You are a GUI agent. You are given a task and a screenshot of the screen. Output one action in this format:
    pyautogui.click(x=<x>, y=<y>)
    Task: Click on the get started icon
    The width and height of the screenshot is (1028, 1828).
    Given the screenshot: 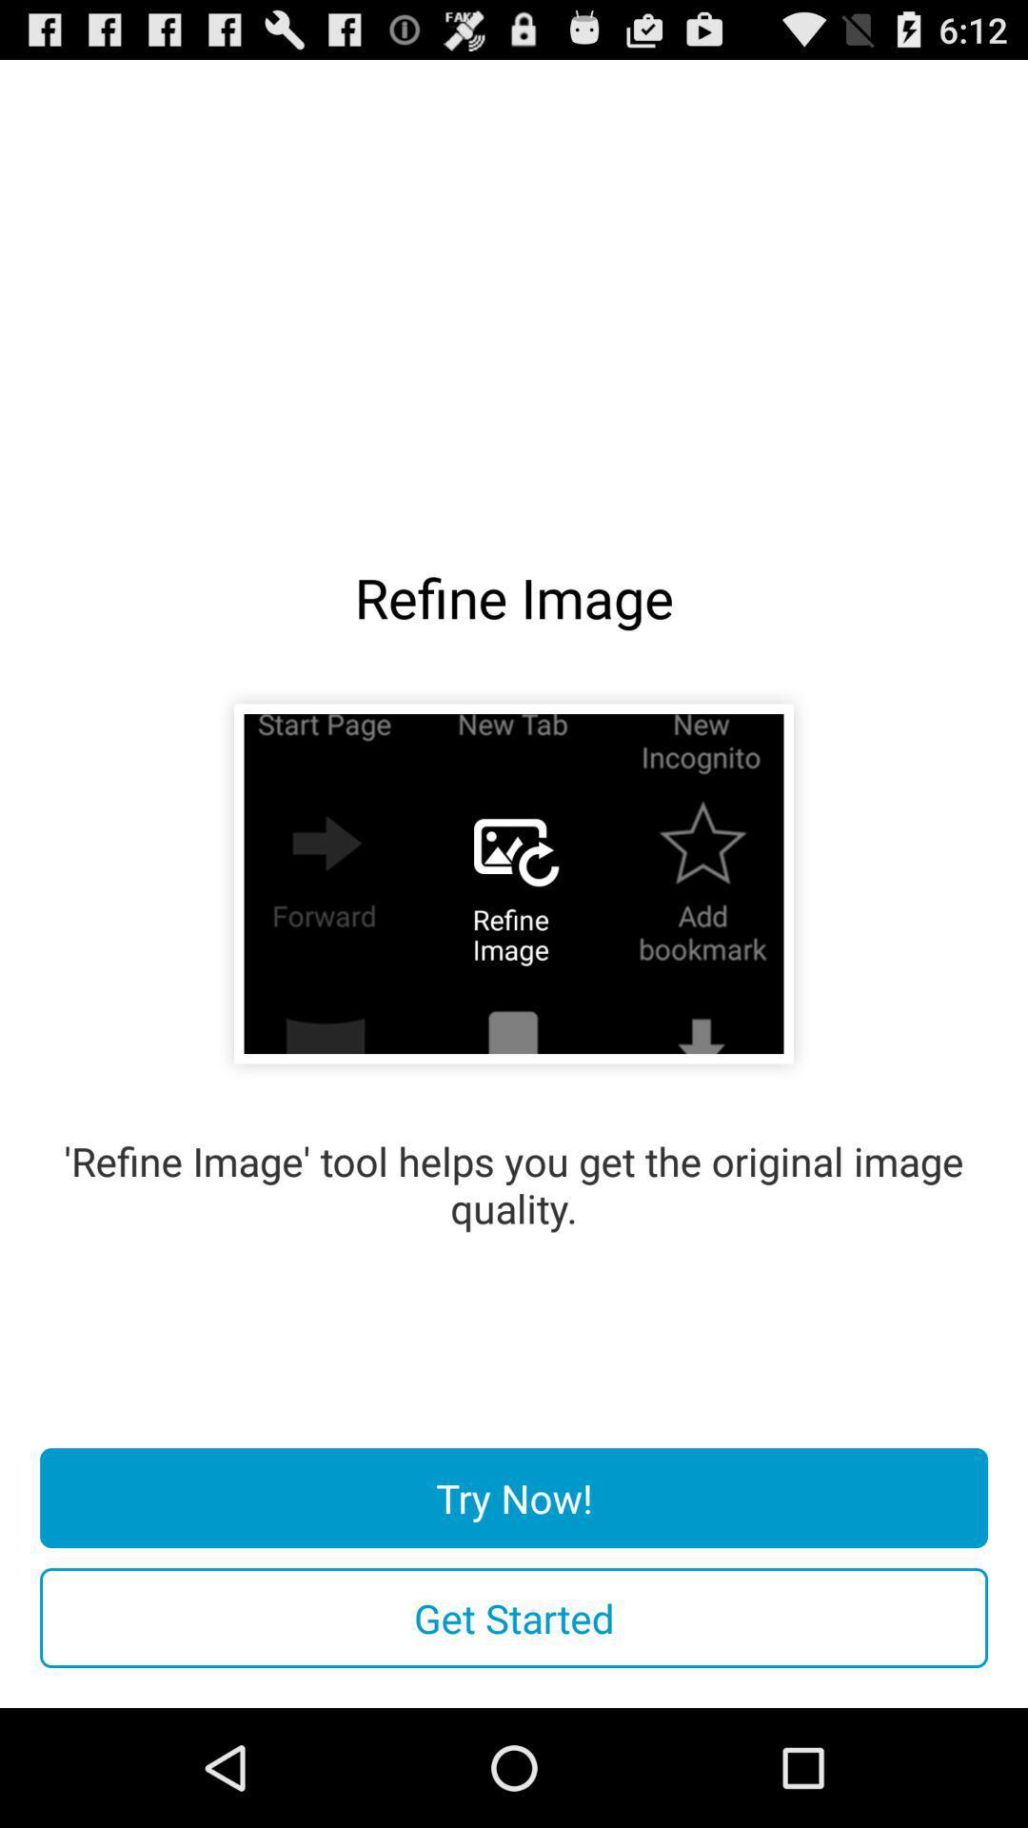 What is the action you would take?
    pyautogui.click(x=514, y=1617)
    